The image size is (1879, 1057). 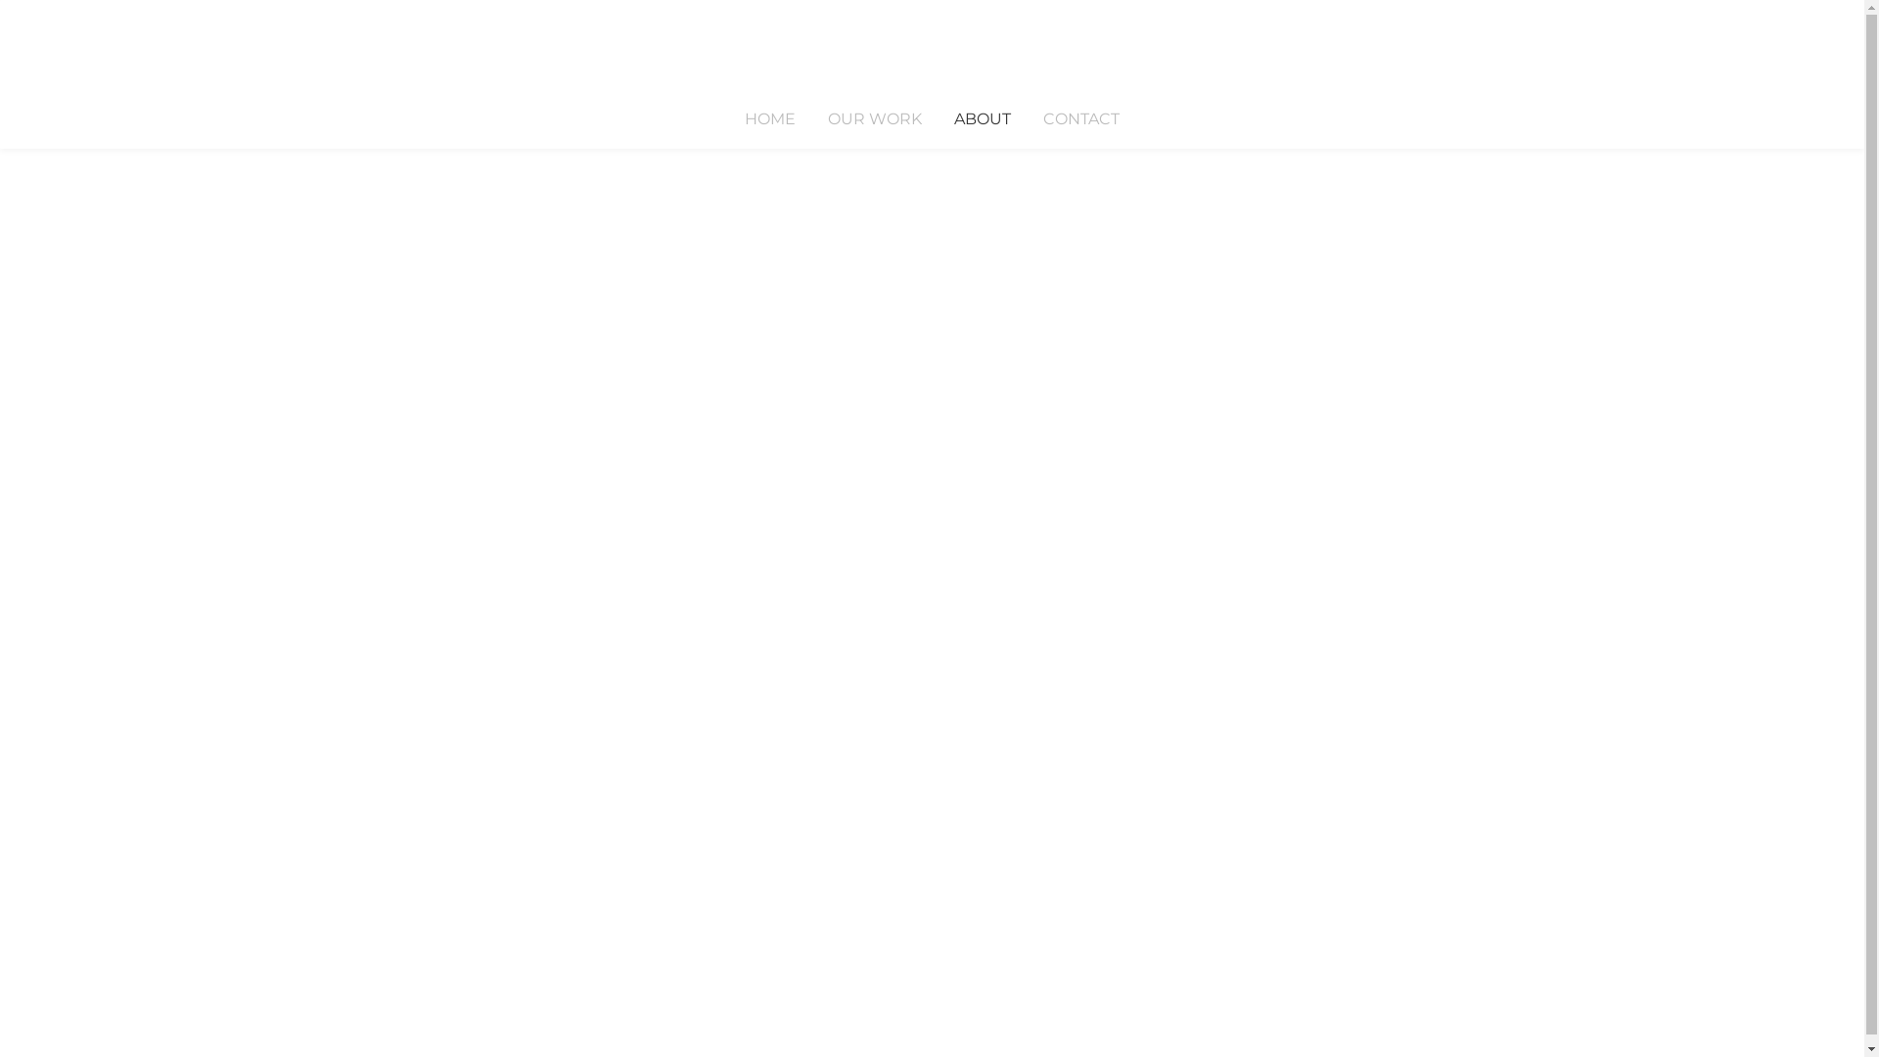 I want to click on 'HOME', so click(x=769, y=119).